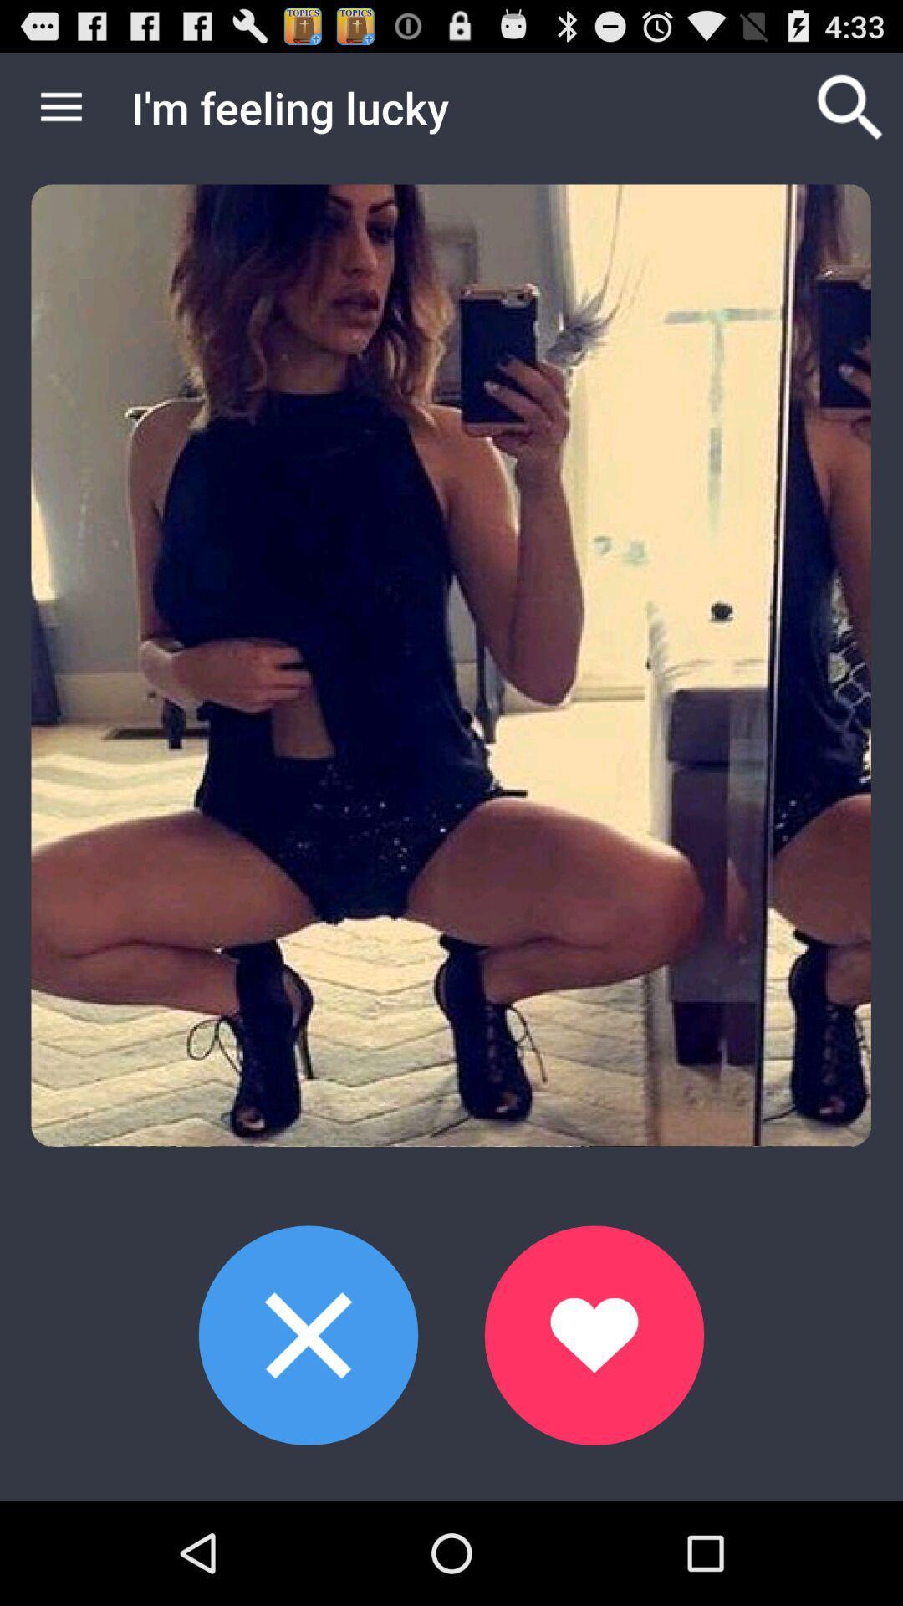  I want to click on close, so click(309, 1334).